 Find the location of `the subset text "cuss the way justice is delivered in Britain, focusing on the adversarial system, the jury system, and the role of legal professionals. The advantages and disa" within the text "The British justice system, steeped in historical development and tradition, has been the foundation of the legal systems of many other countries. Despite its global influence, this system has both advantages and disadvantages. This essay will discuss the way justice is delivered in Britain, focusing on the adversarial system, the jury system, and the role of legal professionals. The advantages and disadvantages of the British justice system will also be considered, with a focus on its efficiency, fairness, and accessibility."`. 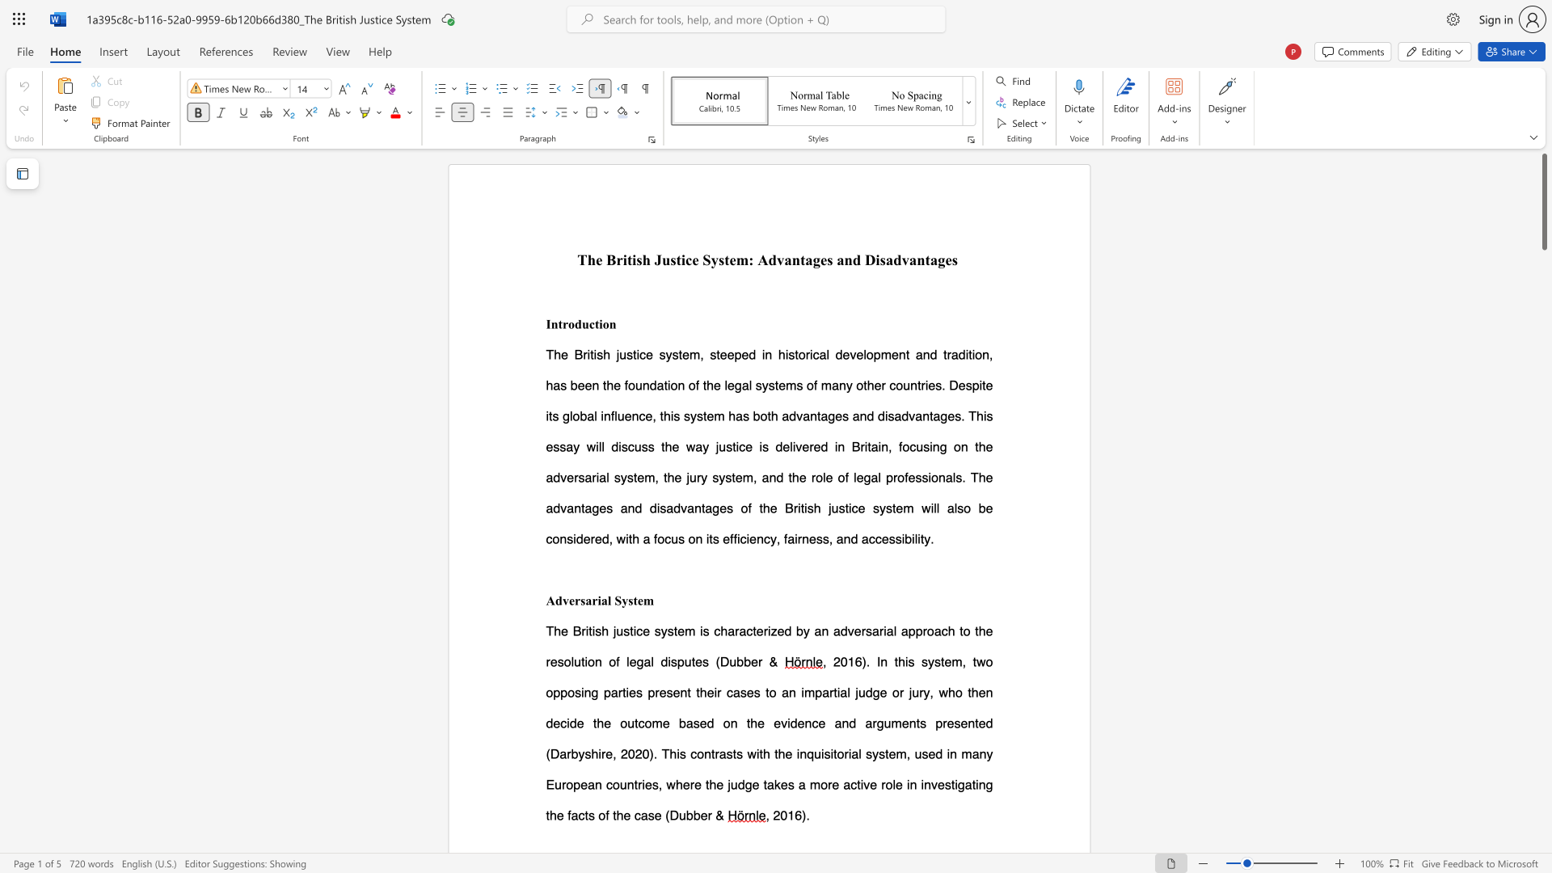

the subset text "cuss the way justice is delivered in Britain, focusing on the adversarial system, the jury system, and the role of legal professionals. The advantages and disa" within the text "The British justice system, steeped in historical development and tradition, has been the foundation of the legal systems of many other countries. Despite its global influence, this system has both advantages and disadvantages. This essay will discuss the way justice is delivered in Britain, focusing on the adversarial system, the jury system, and the role of legal professionals. The advantages and disadvantages of the British justice system will also be considered, with a focus on its efficiency, fairness, and accessibility." is located at coordinates (626, 446).